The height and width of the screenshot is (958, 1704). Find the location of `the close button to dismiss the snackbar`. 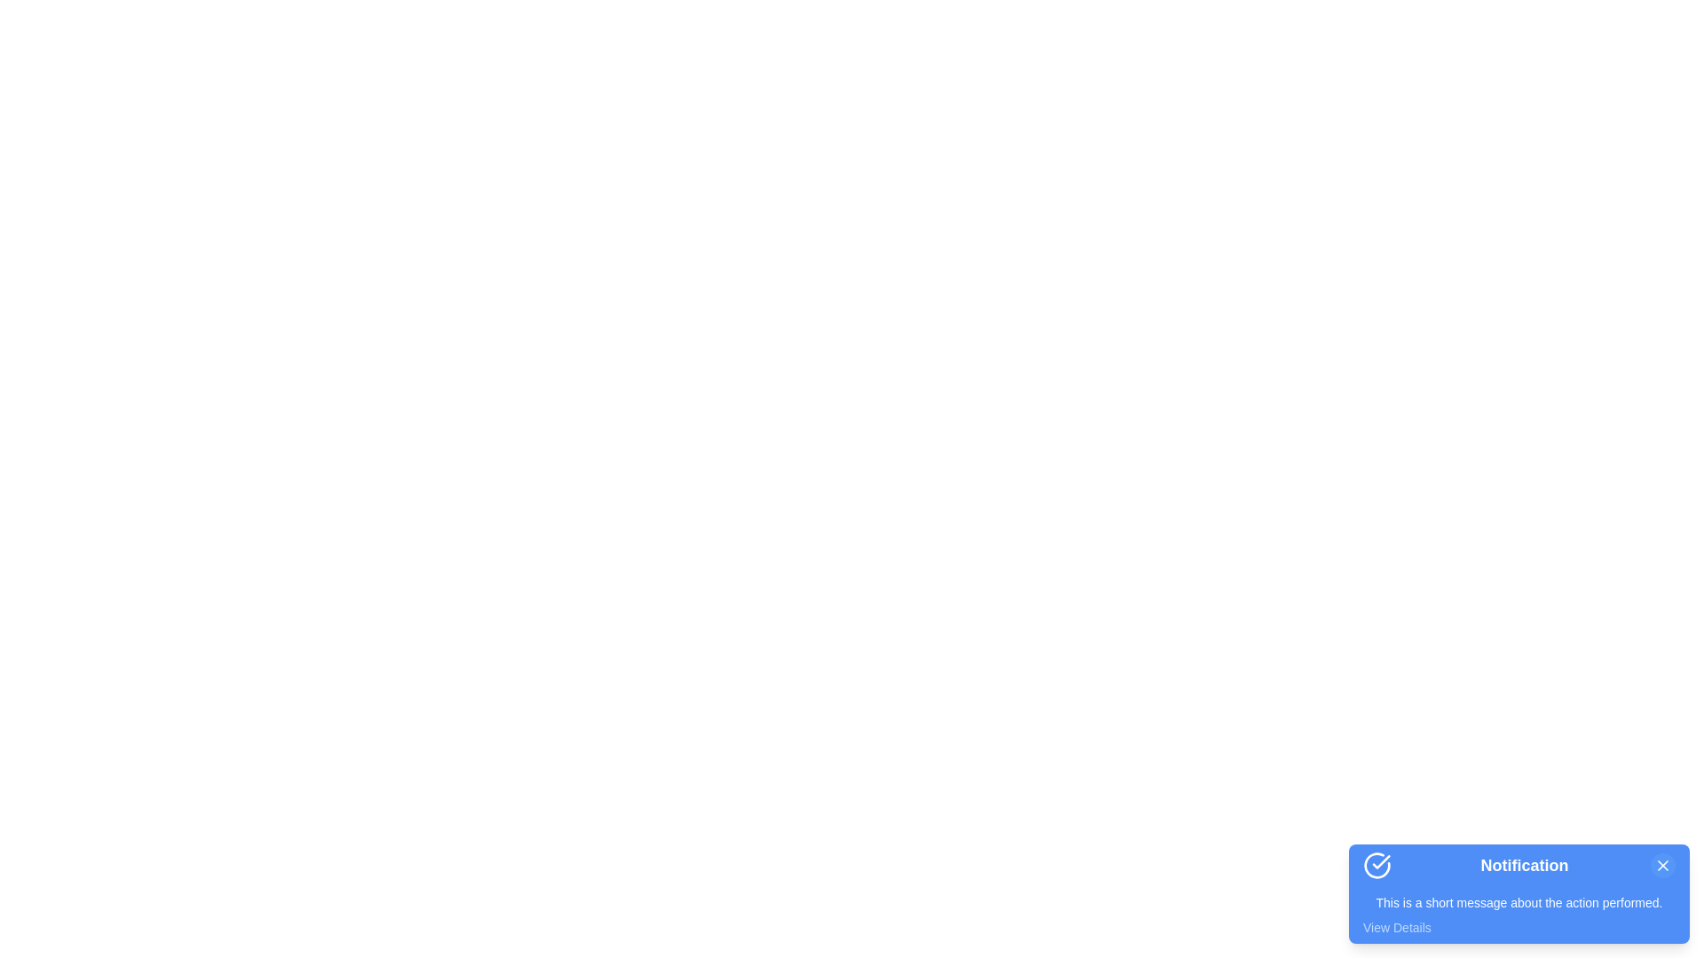

the close button to dismiss the snackbar is located at coordinates (1661, 864).